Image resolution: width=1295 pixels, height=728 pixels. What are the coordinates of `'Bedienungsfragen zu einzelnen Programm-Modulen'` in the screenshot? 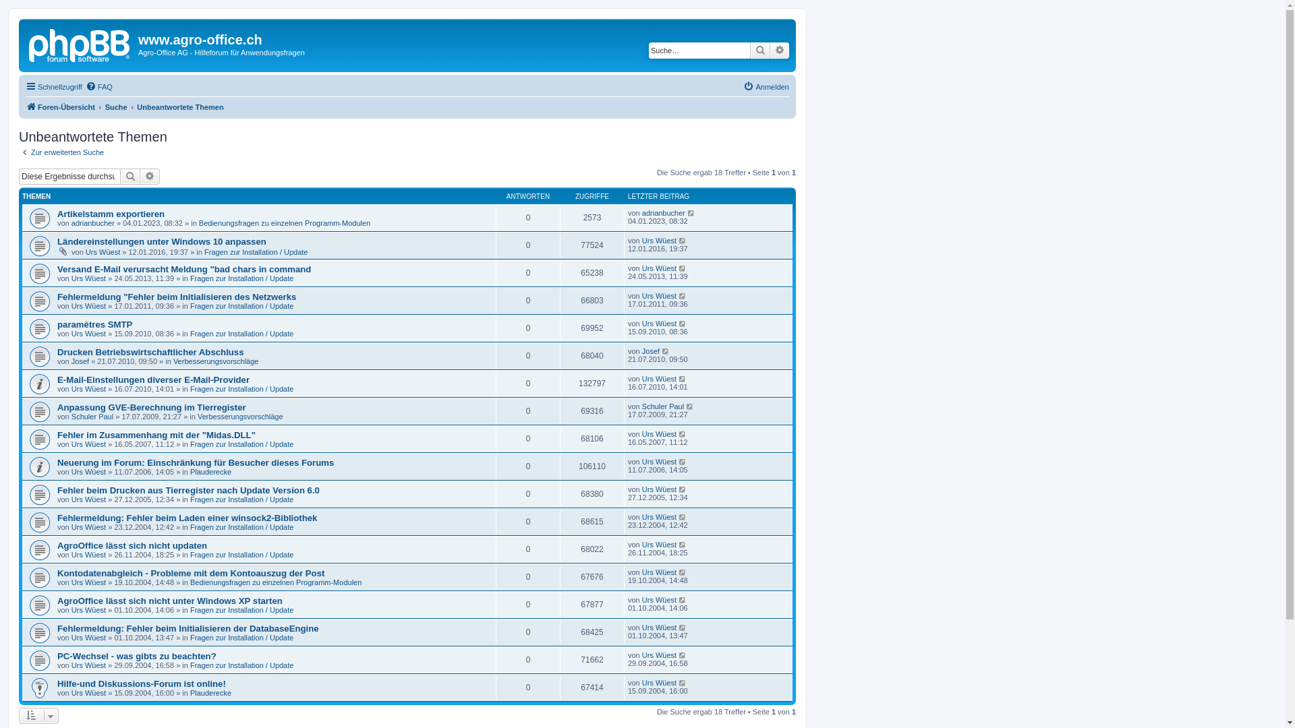 It's located at (198, 222).